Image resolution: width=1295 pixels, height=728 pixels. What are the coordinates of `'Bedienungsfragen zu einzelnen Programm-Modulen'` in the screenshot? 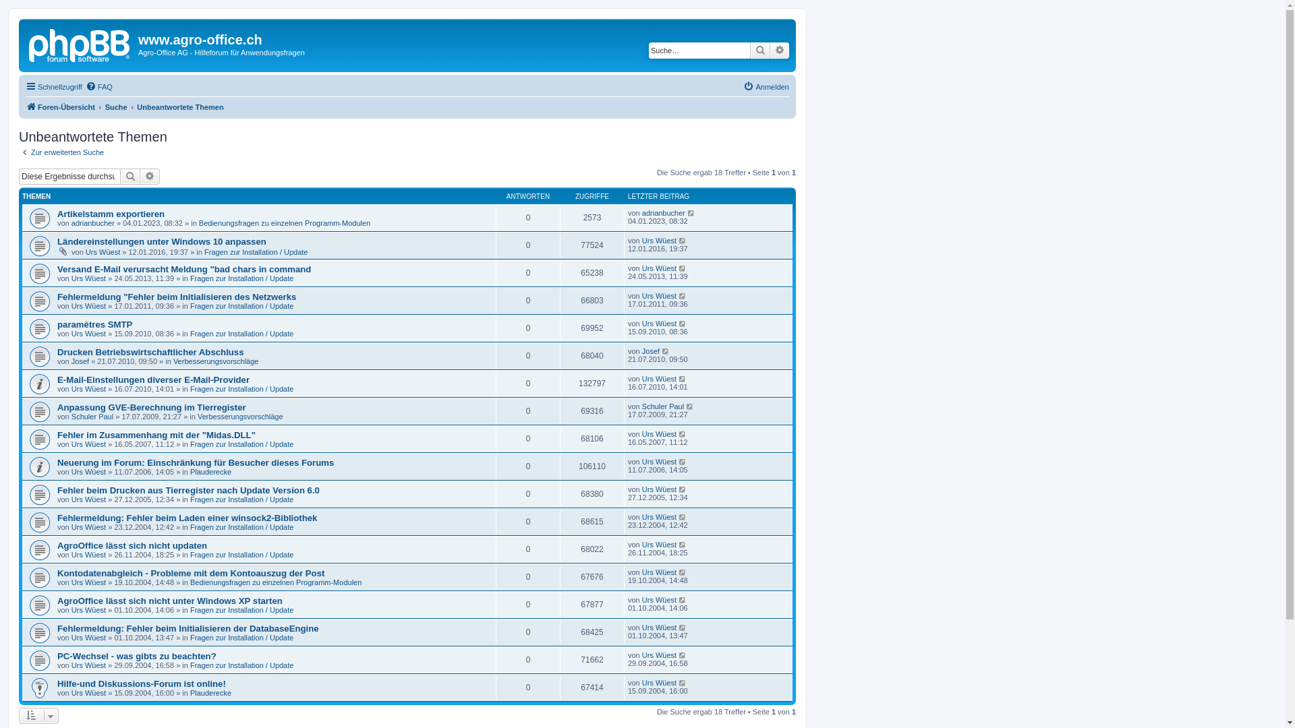 It's located at (198, 222).